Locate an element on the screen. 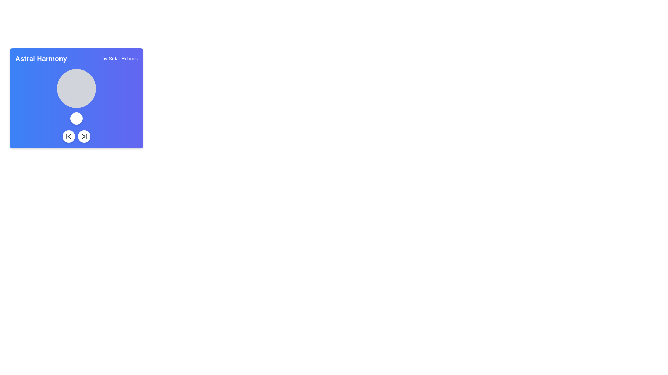 Image resolution: width=668 pixels, height=375 pixels. the 'Next' button located in the bottom section of the card layout is located at coordinates (83, 136).